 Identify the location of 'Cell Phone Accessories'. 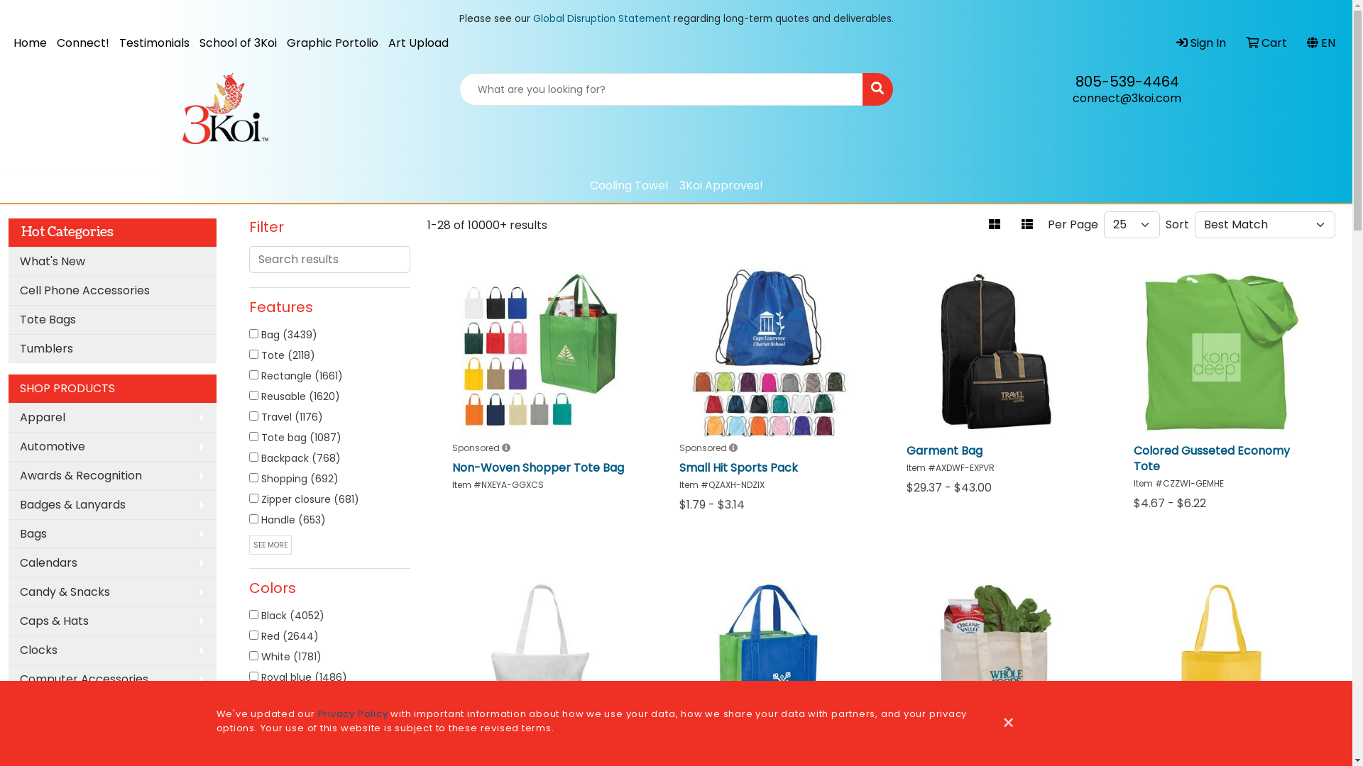
(111, 289).